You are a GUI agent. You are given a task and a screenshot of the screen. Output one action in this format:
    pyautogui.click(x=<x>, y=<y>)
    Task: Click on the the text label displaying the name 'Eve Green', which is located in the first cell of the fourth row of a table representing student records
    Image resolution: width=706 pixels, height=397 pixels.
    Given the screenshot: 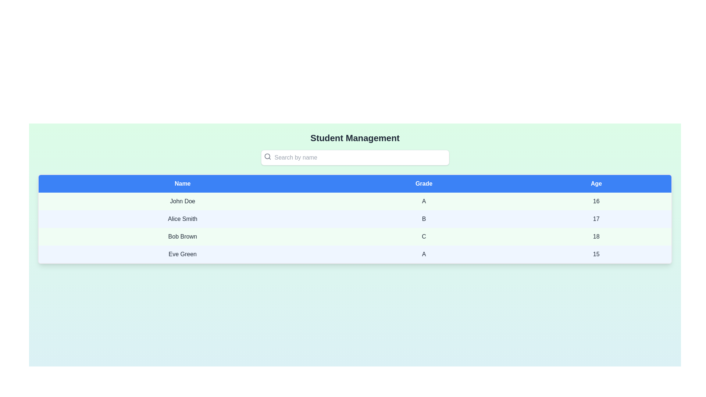 What is the action you would take?
    pyautogui.click(x=182, y=254)
    